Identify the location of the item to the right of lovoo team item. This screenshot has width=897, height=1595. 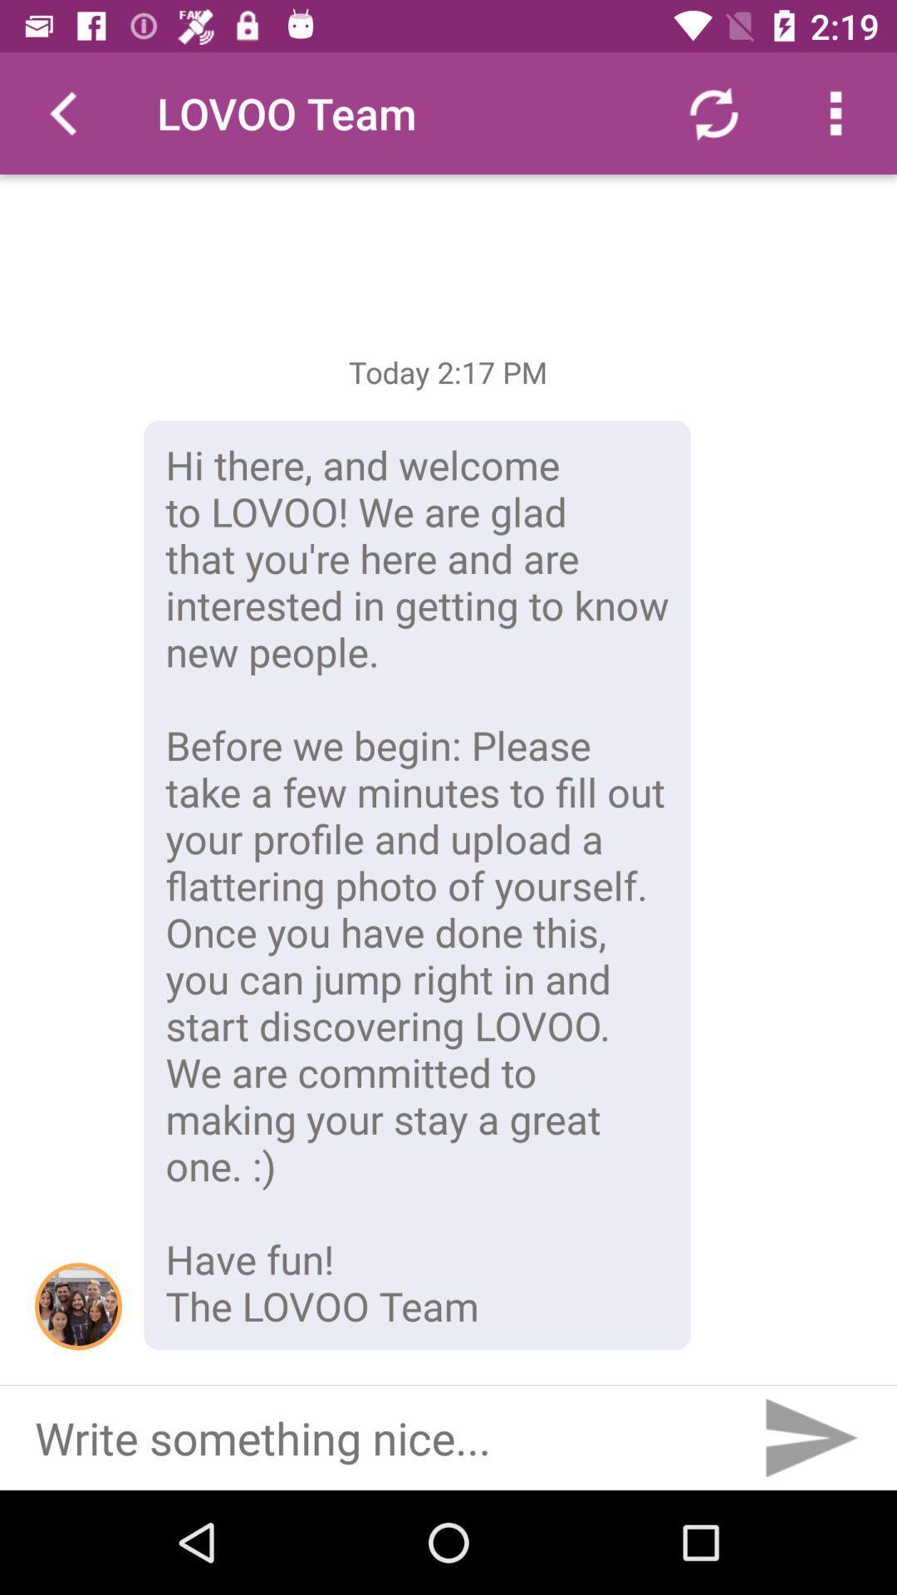
(713, 112).